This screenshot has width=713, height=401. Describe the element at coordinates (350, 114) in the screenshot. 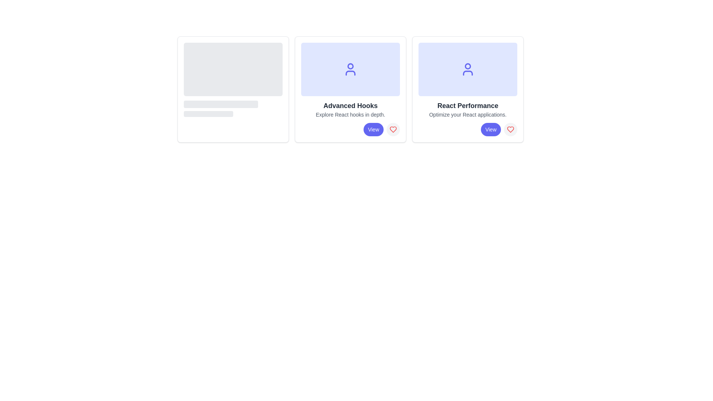

I see `the Text Label providing additional information about 'Advanced Hooks', which is situated below the heading and above the interactive buttons` at that location.